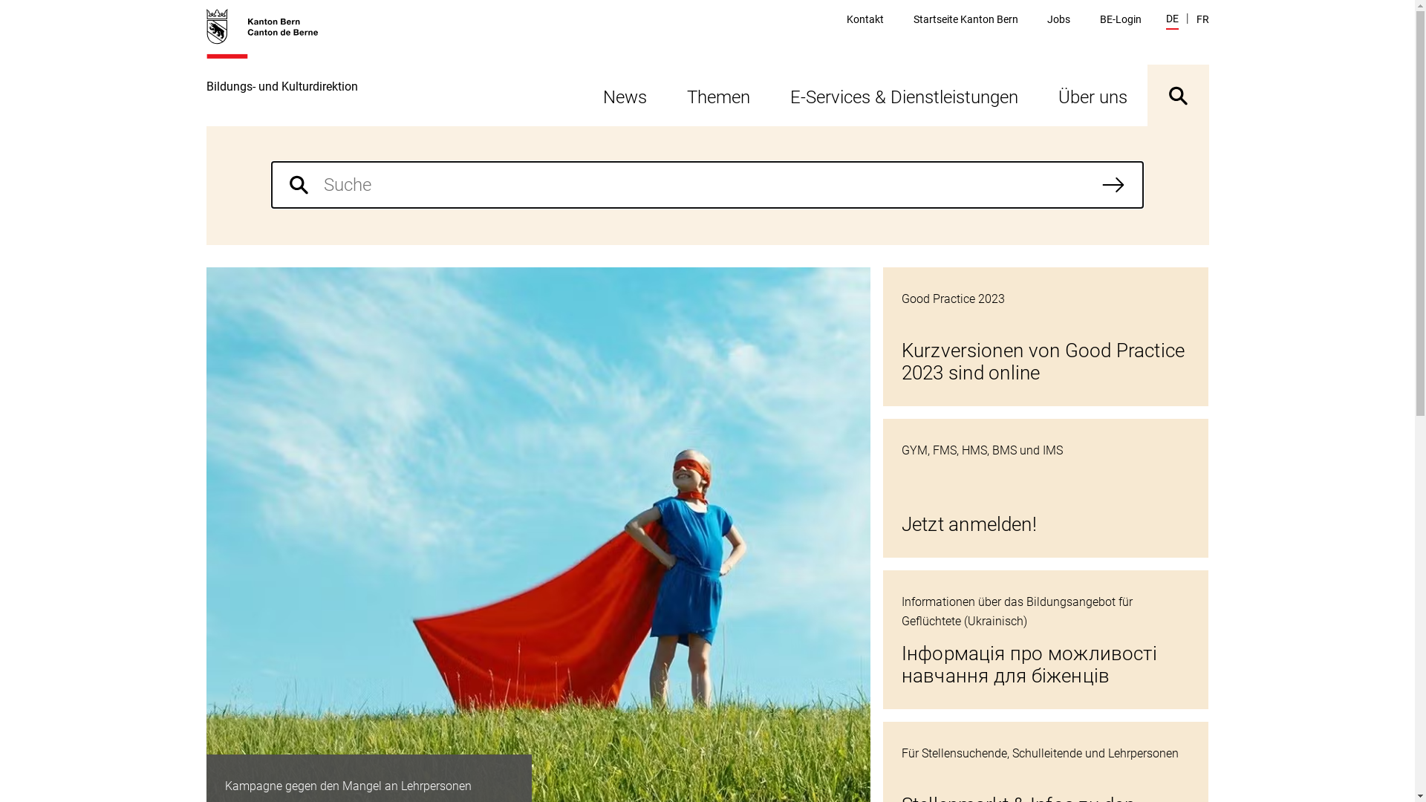 The height and width of the screenshot is (802, 1426). Describe the element at coordinates (624, 95) in the screenshot. I see `'News'` at that location.